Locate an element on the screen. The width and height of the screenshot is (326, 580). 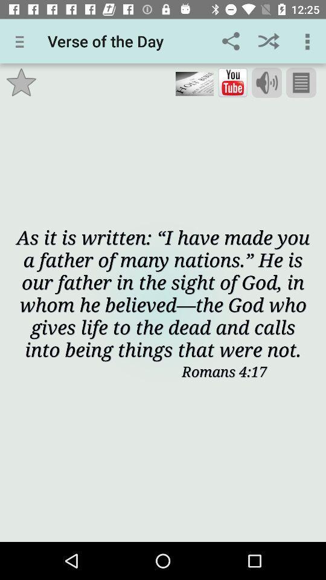
the item next to the verse of the is located at coordinates (231, 41).